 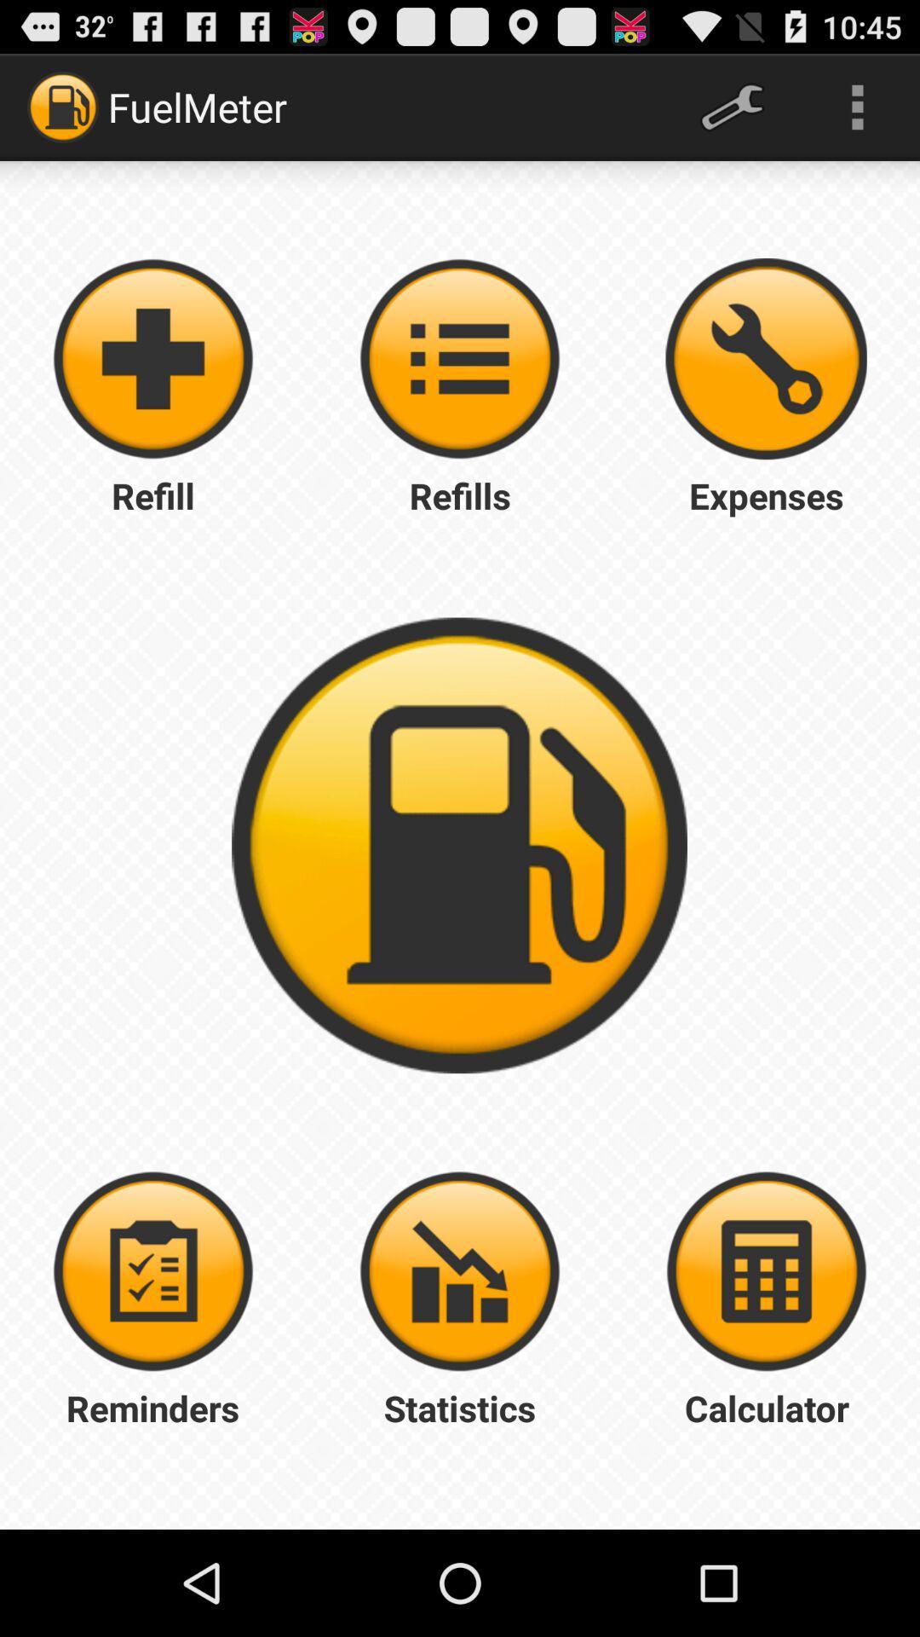 What do you see at coordinates (460, 1271) in the screenshot?
I see `statistics` at bounding box center [460, 1271].